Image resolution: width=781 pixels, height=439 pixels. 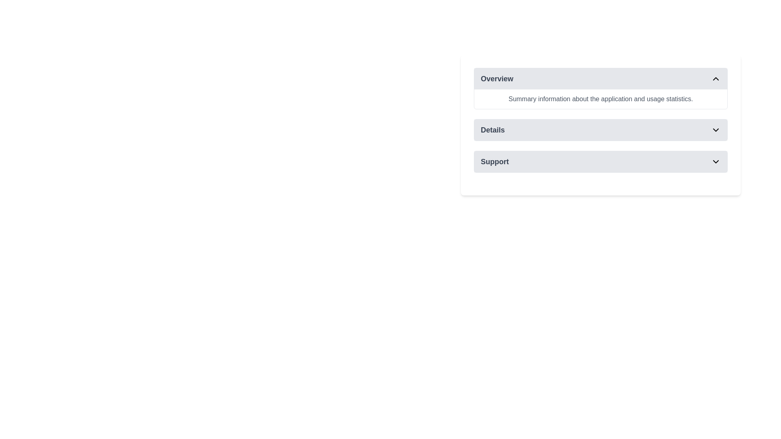 What do you see at coordinates (716, 130) in the screenshot?
I see `the downward-pointing chevron icon located to the far right of the 'Details' section header` at bounding box center [716, 130].